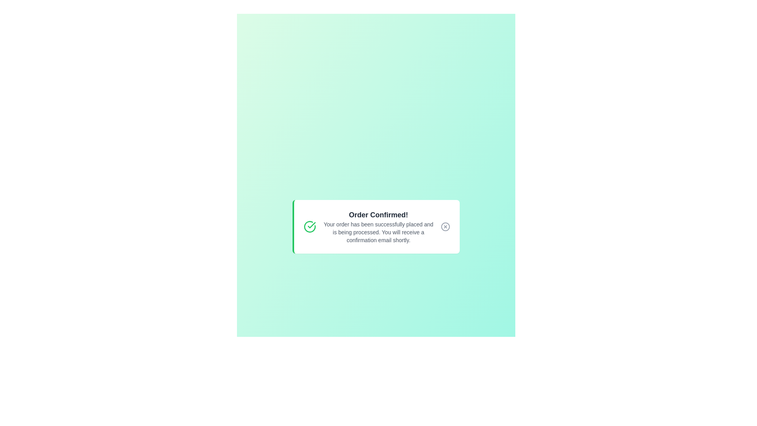 The height and width of the screenshot is (426, 757). I want to click on the close button to dismiss the alert, so click(445, 226).